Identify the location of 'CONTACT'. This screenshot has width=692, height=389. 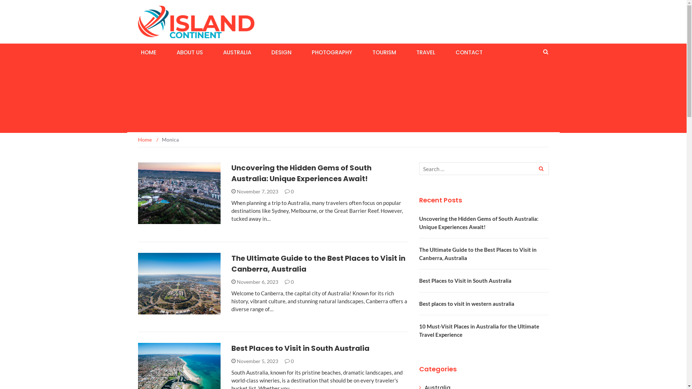
(469, 52).